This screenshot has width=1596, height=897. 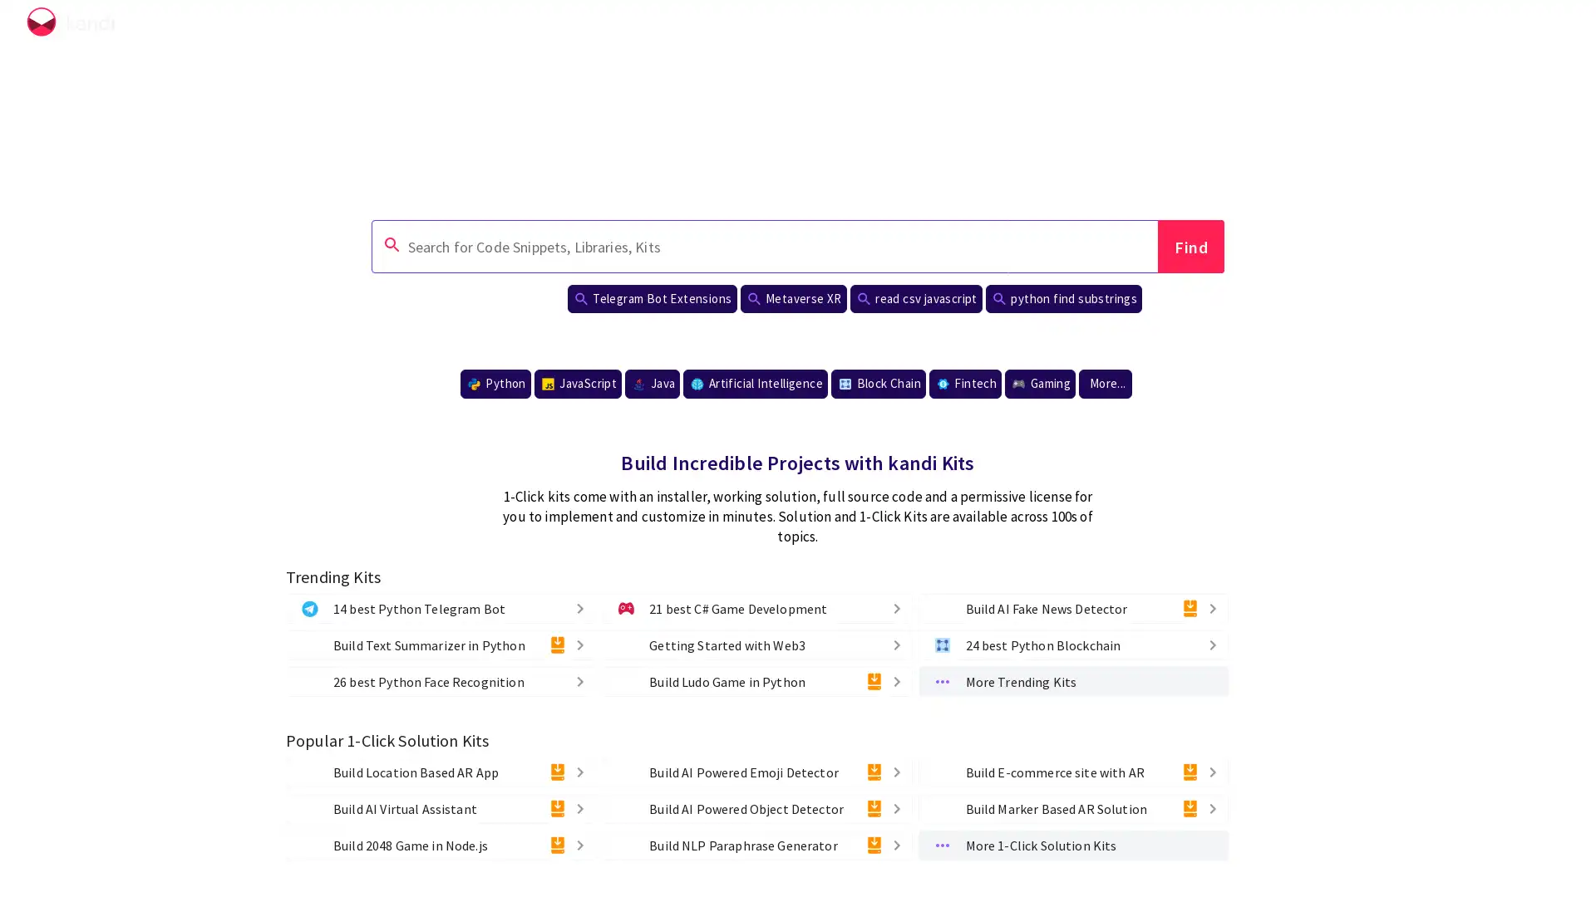 I want to click on spotting-fake-news Build AI Fake News Detector, so click(x=1072, y=608).